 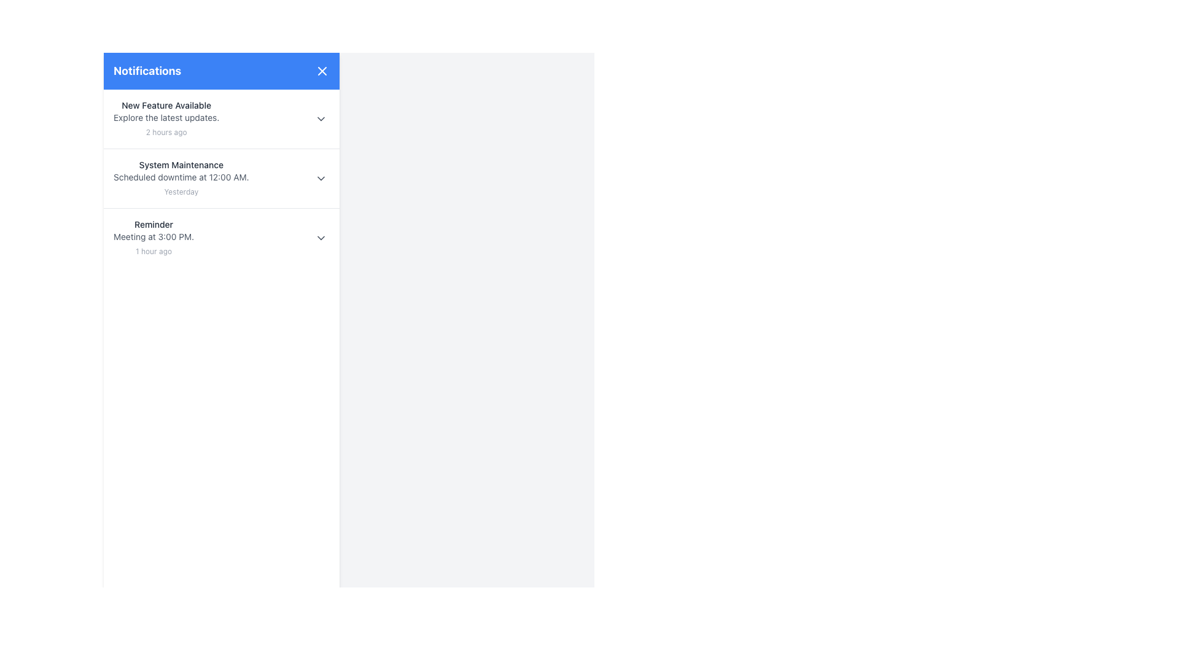 I want to click on the static text label displaying 'Yesterday' located at the bottom-right of the notification card for system maintenance, so click(x=181, y=192).